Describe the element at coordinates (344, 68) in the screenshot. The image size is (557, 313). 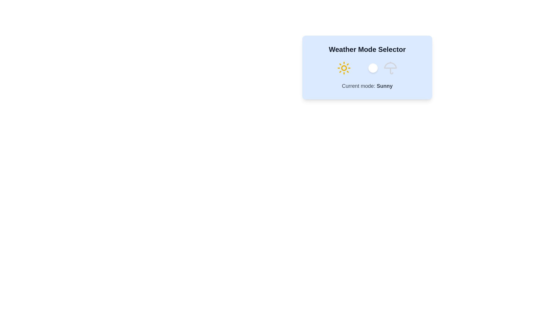
I see `the sunny weather mode icon represented as an SVG element, which is the leftmost icon in the Weather Mode Selector card component` at that location.